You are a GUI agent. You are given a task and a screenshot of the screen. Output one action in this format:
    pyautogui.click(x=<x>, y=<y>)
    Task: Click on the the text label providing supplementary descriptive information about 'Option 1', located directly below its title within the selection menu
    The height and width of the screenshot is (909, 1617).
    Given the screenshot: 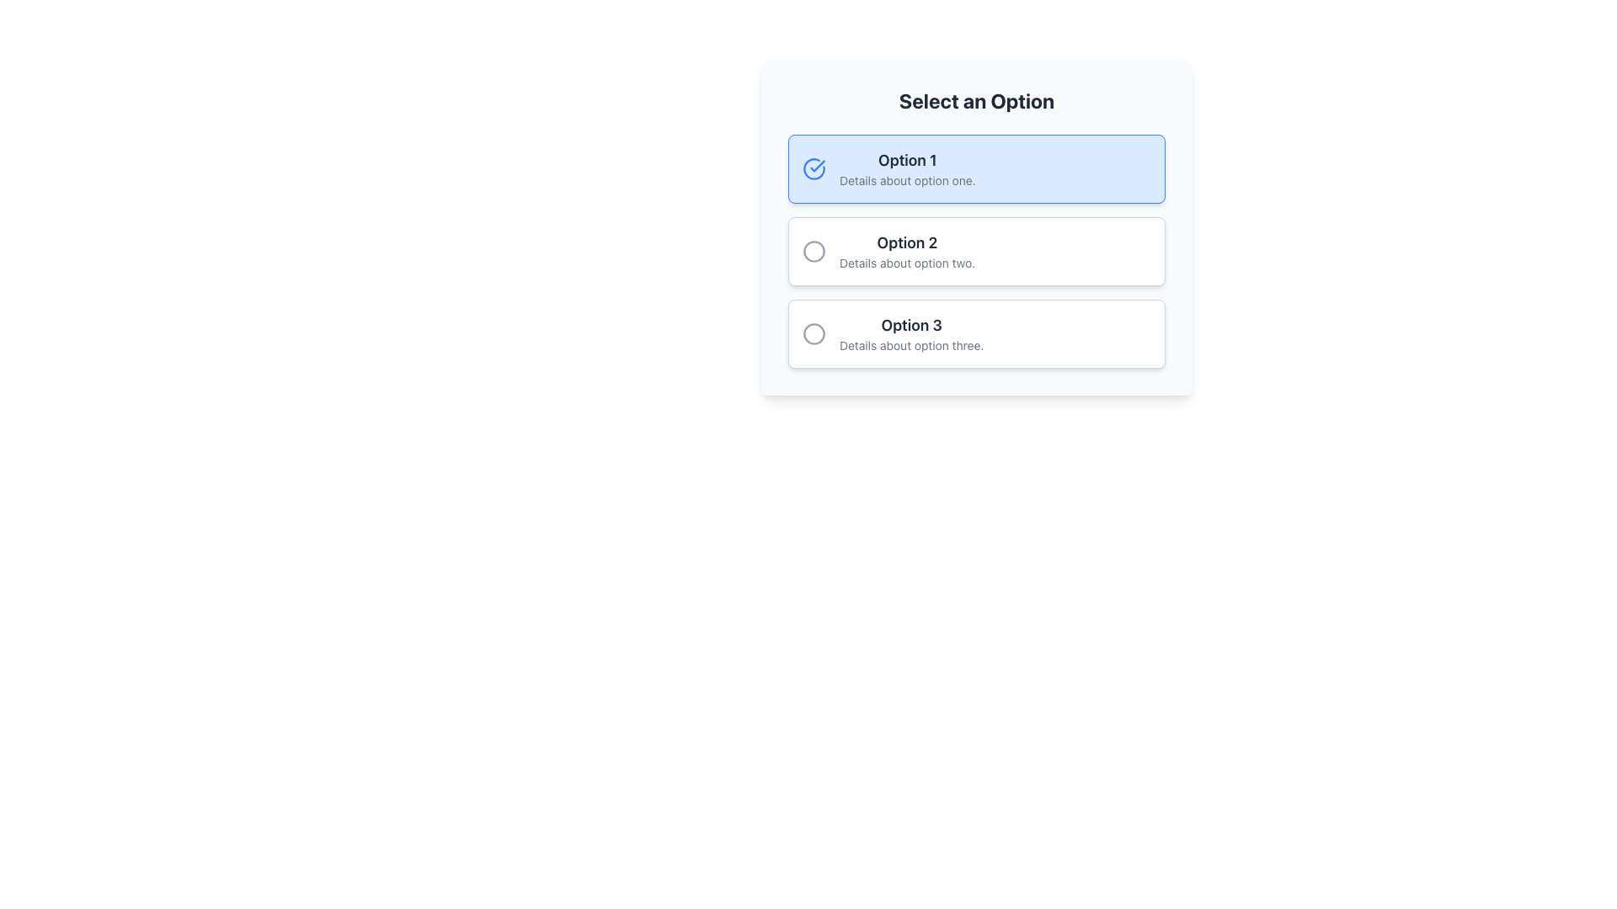 What is the action you would take?
    pyautogui.click(x=906, y=181)
    